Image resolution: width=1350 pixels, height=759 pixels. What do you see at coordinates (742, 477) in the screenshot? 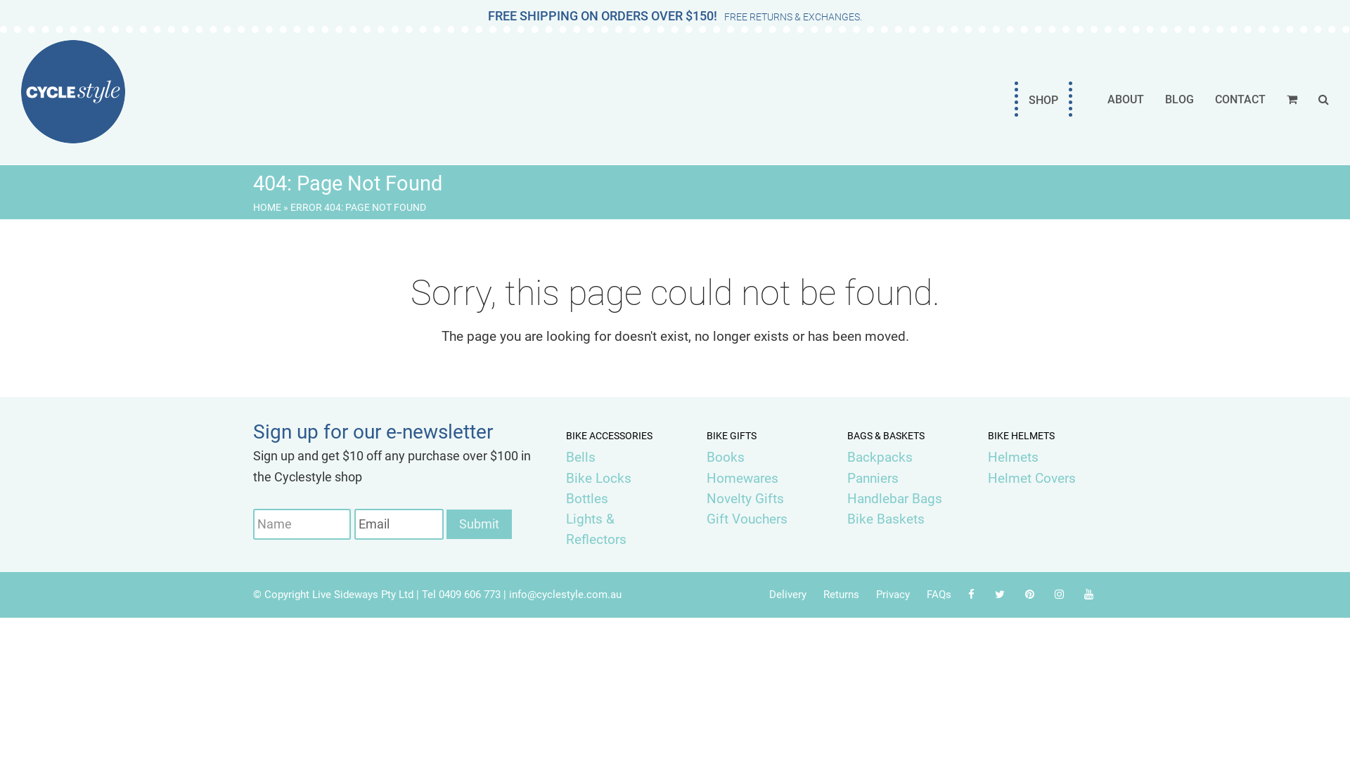
I see `'Homewares'` at bounding box center [742, 477].